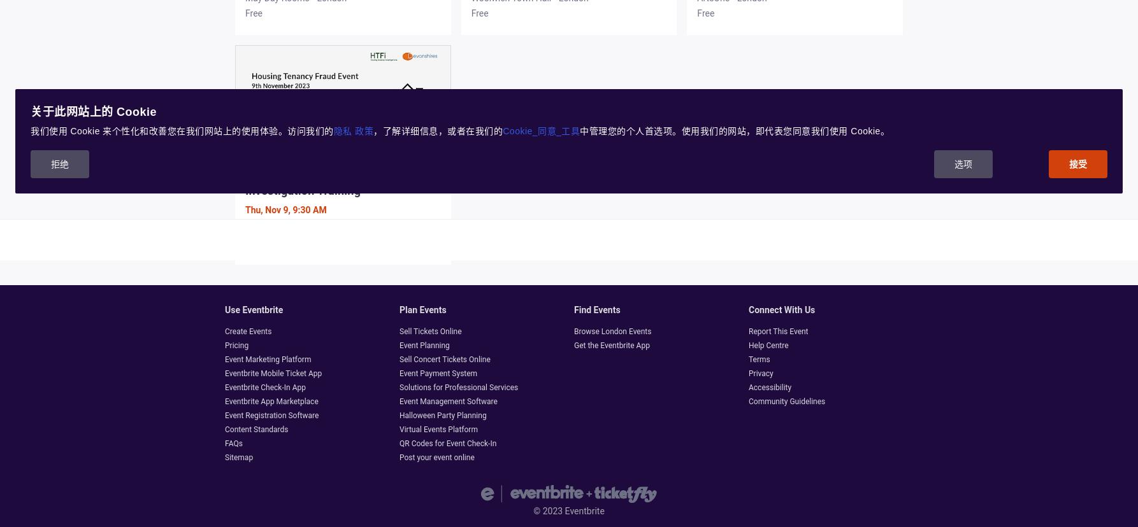 This screenshot has width=1138, height=527. I want to click on 'Eventbrite App Marketplace', so click(271, 402).